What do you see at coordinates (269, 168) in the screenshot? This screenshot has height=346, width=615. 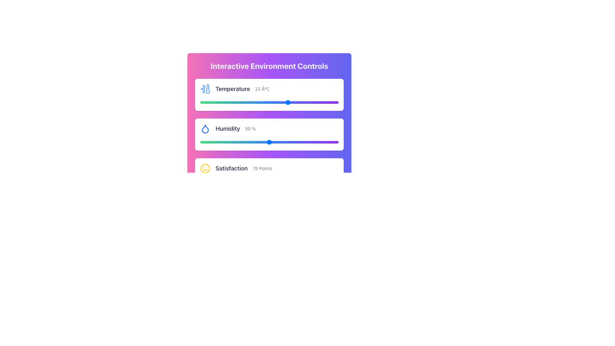 I see `displayed information from the Informational Section that shows a smiley icon, the text 'Satisfaction', and '75 Points'` at bounding box center [269, 168].